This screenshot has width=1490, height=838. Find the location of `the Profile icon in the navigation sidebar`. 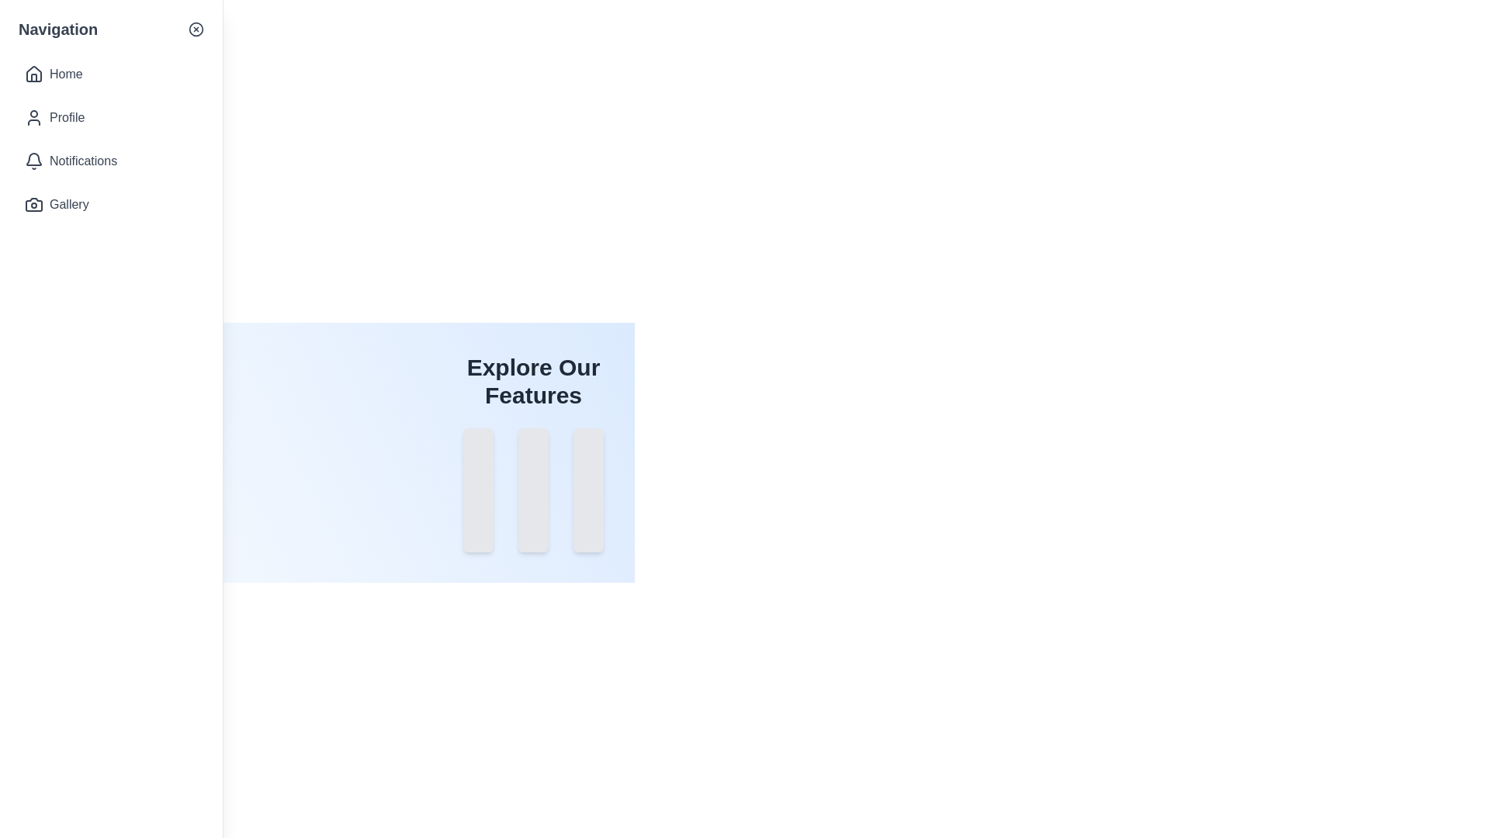

the Profile icon in the navigation sidebar is located at coordinates (33, 116).